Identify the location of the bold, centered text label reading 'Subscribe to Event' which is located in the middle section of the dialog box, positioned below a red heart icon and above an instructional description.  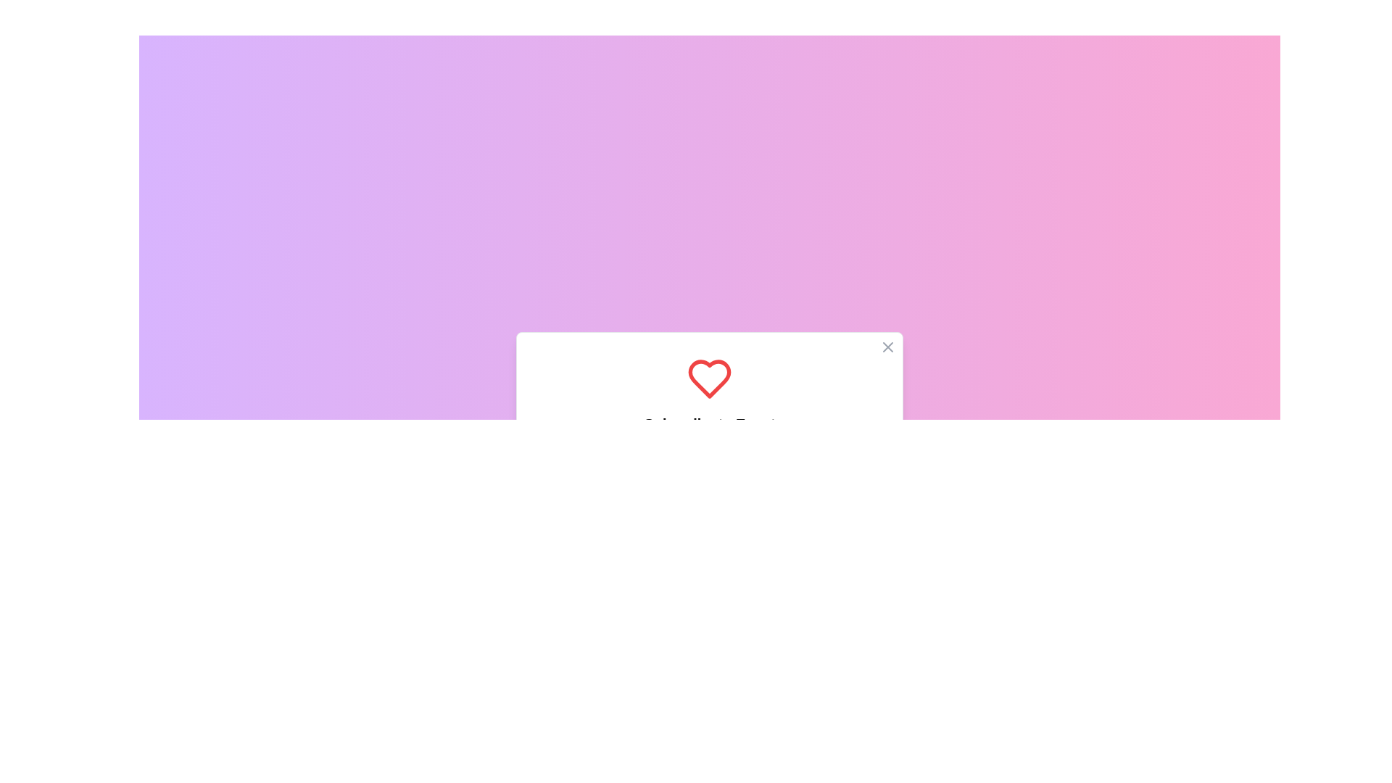
(710, 424).